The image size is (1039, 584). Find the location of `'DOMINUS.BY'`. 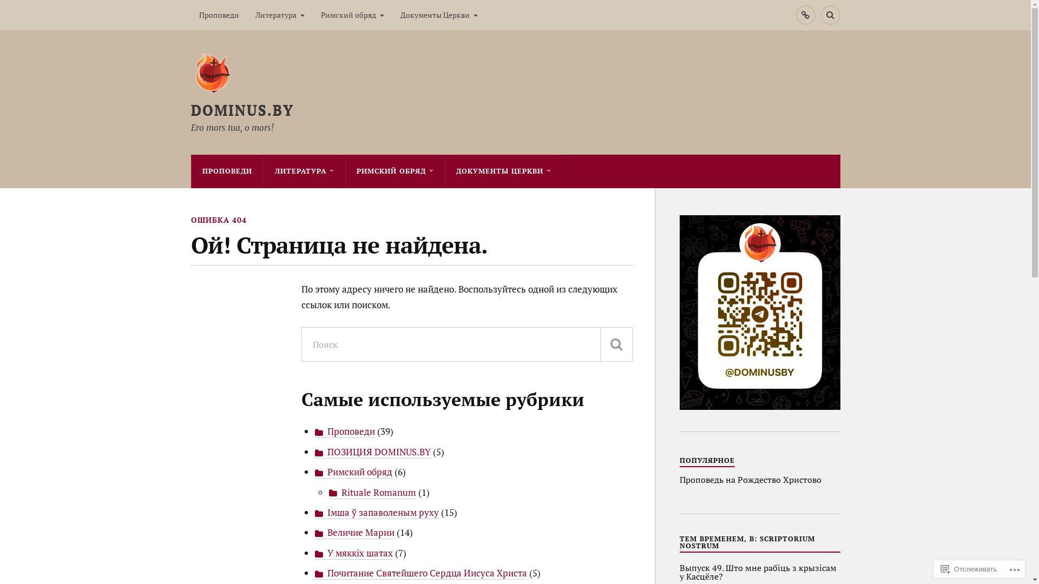

'DOMINUS.BY' is located at coordinates (241, 110).